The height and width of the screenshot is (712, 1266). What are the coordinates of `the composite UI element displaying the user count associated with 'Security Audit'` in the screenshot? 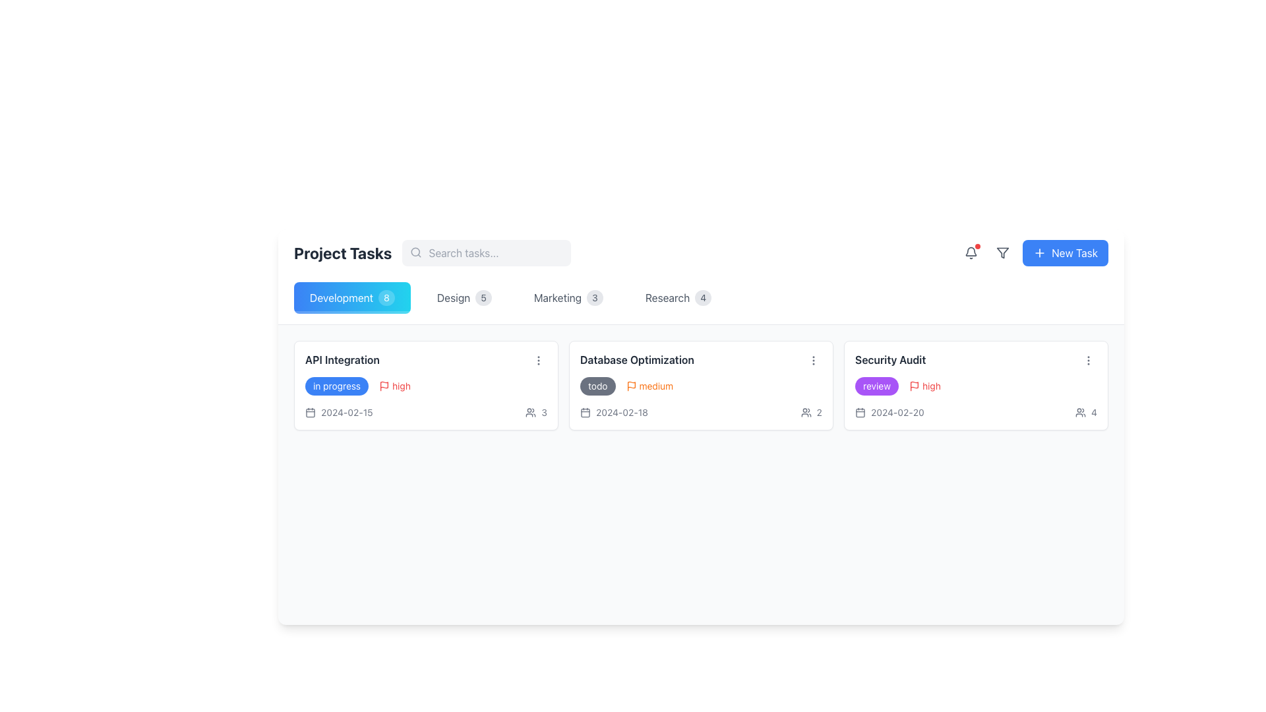 It's located at (1086, 411).